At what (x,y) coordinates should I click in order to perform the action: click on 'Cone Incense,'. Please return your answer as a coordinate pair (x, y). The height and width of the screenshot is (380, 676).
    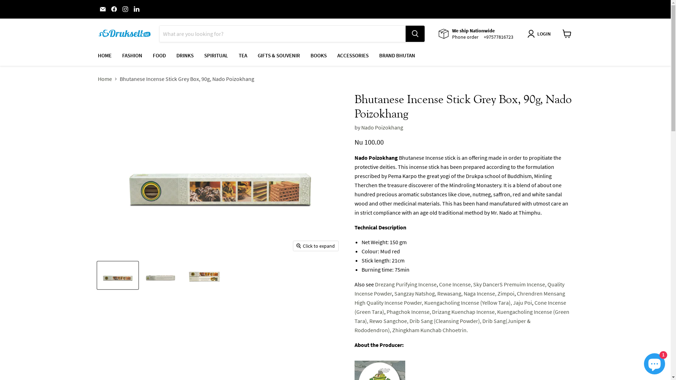
    Looking at the image, I should click on (455, 284).